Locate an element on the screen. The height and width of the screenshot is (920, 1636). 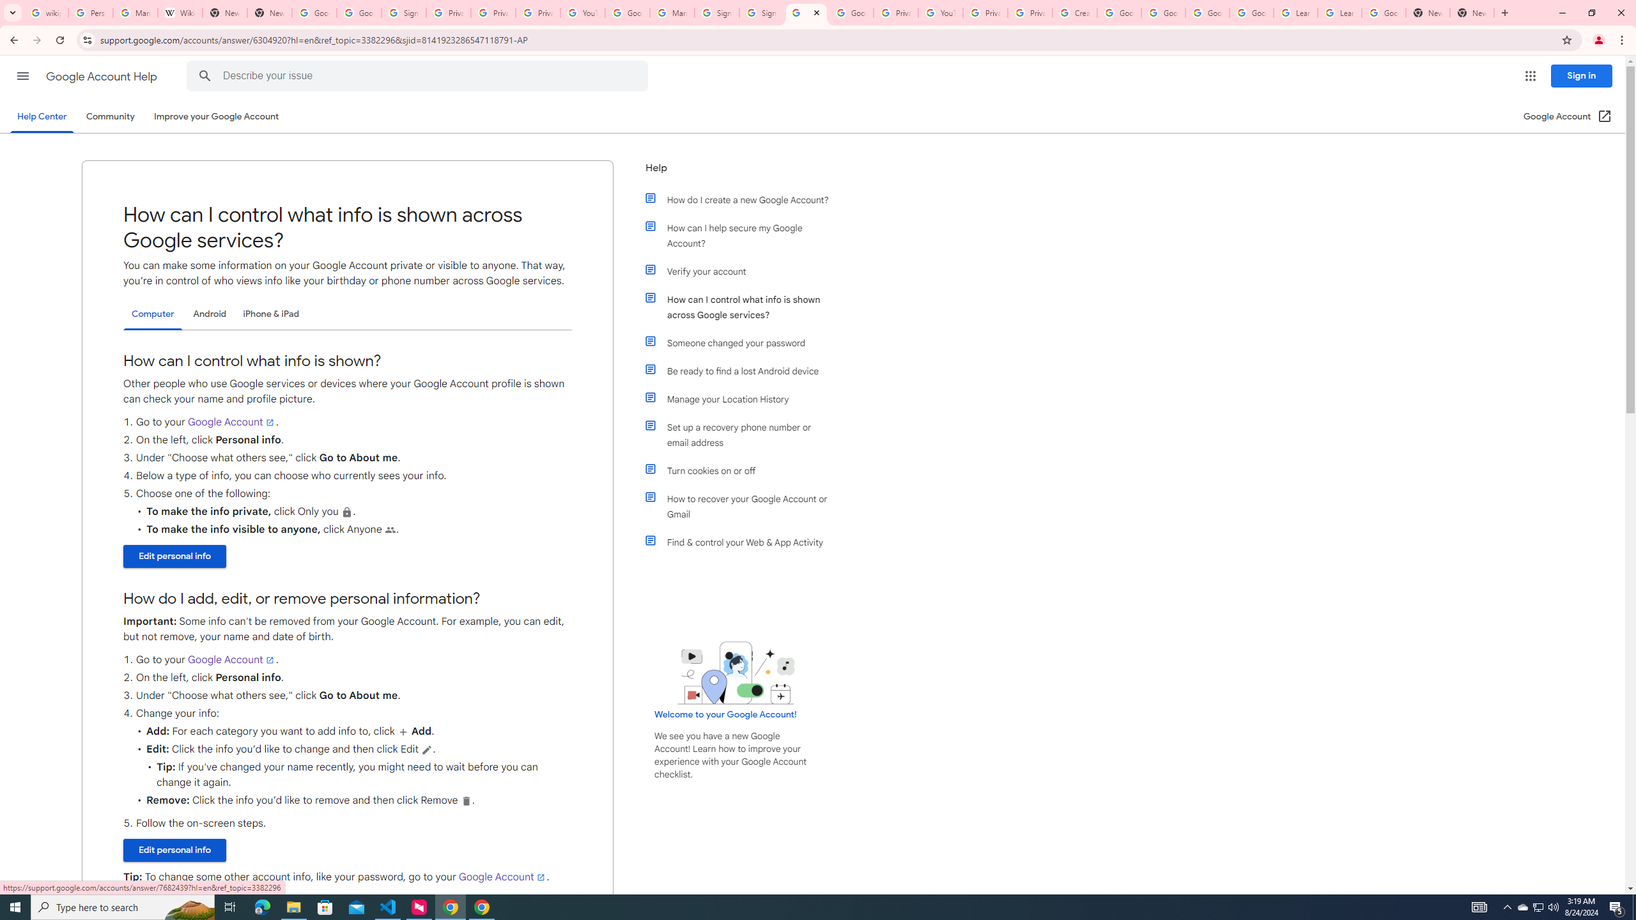
'YouTube' is located at coordinates (940, 12).